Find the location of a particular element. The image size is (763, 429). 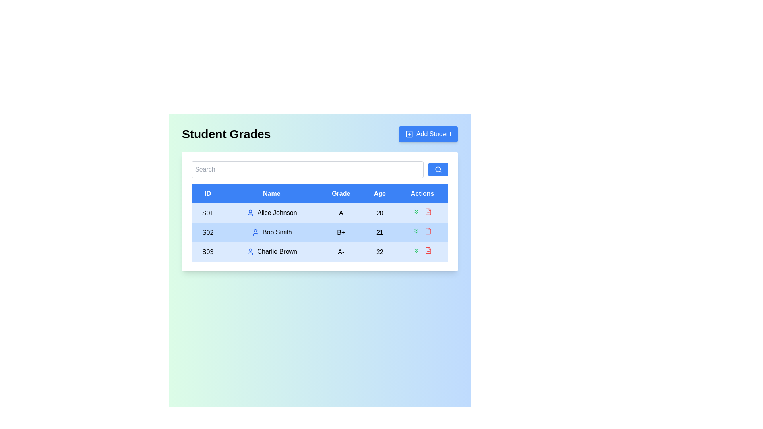

the text label displaying the grade 'A-' in the 'Grade' column of the third row associated with 'Charlie Brown' is located at coordinates (341, 252).